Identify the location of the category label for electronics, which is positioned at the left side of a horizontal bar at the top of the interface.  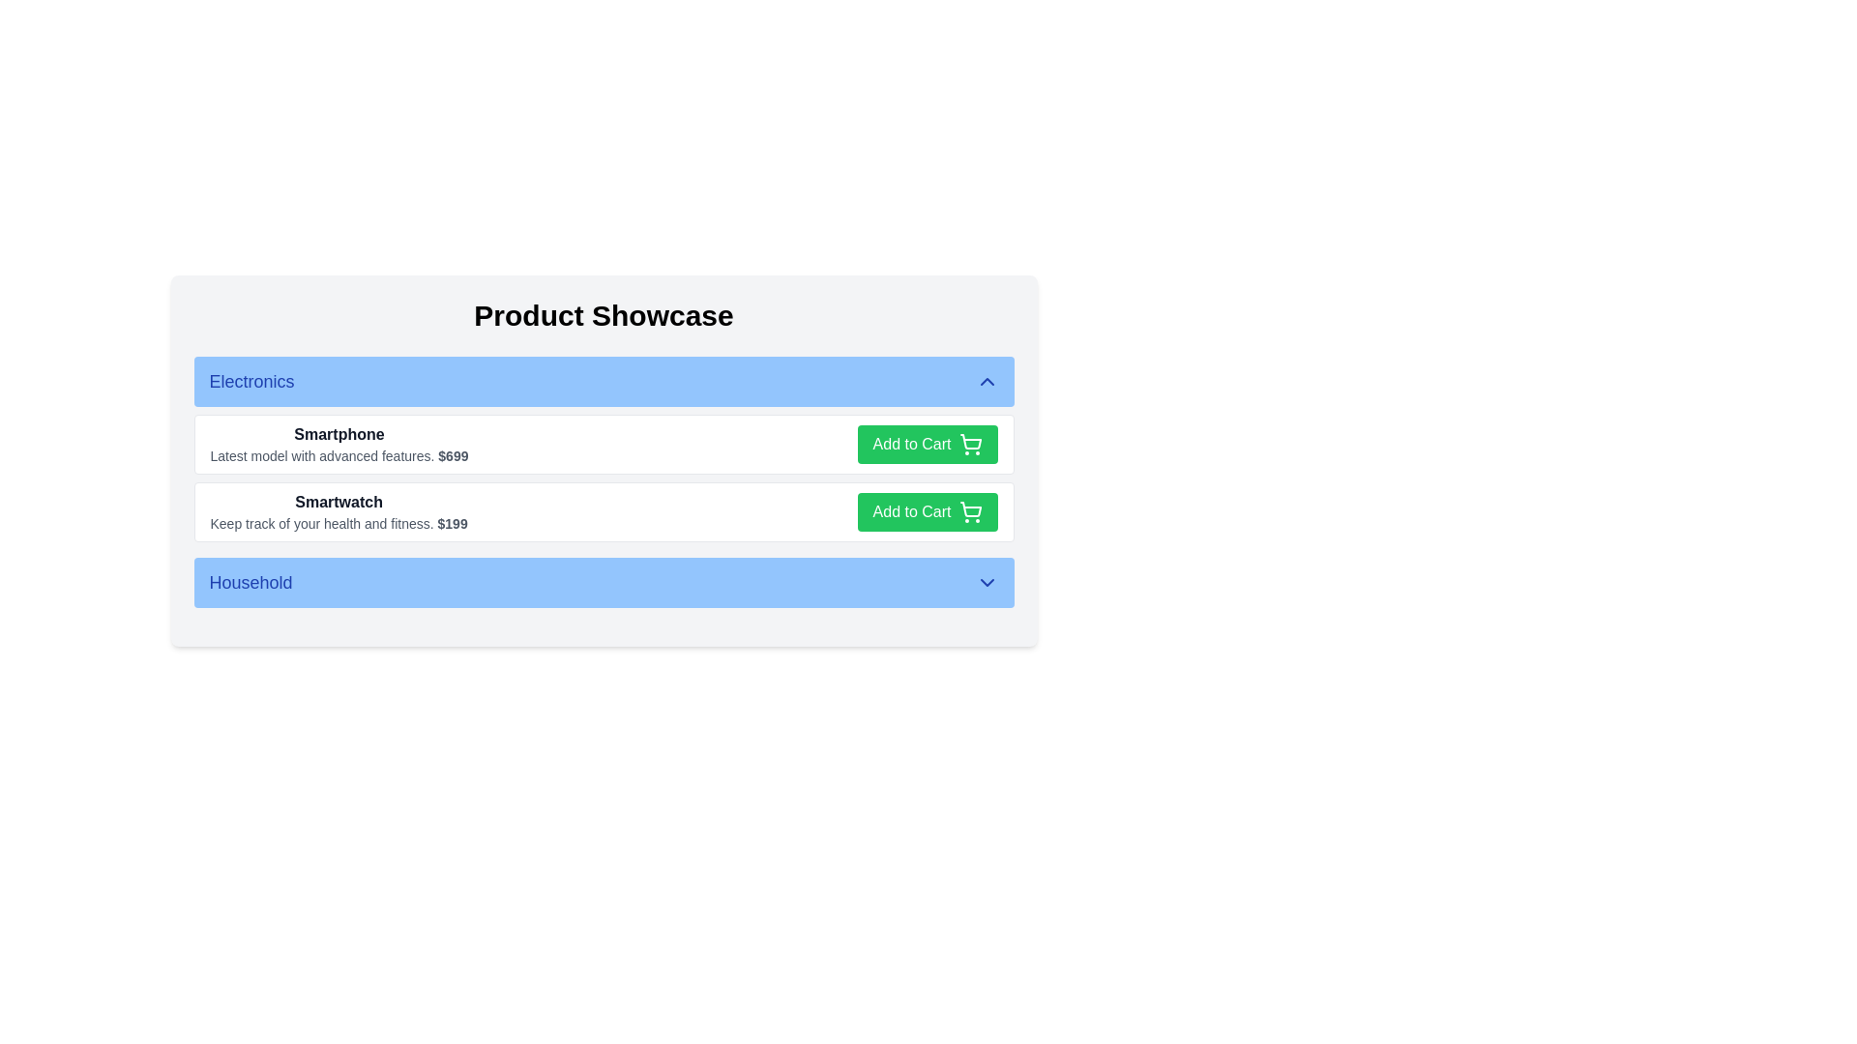
(251, 381).